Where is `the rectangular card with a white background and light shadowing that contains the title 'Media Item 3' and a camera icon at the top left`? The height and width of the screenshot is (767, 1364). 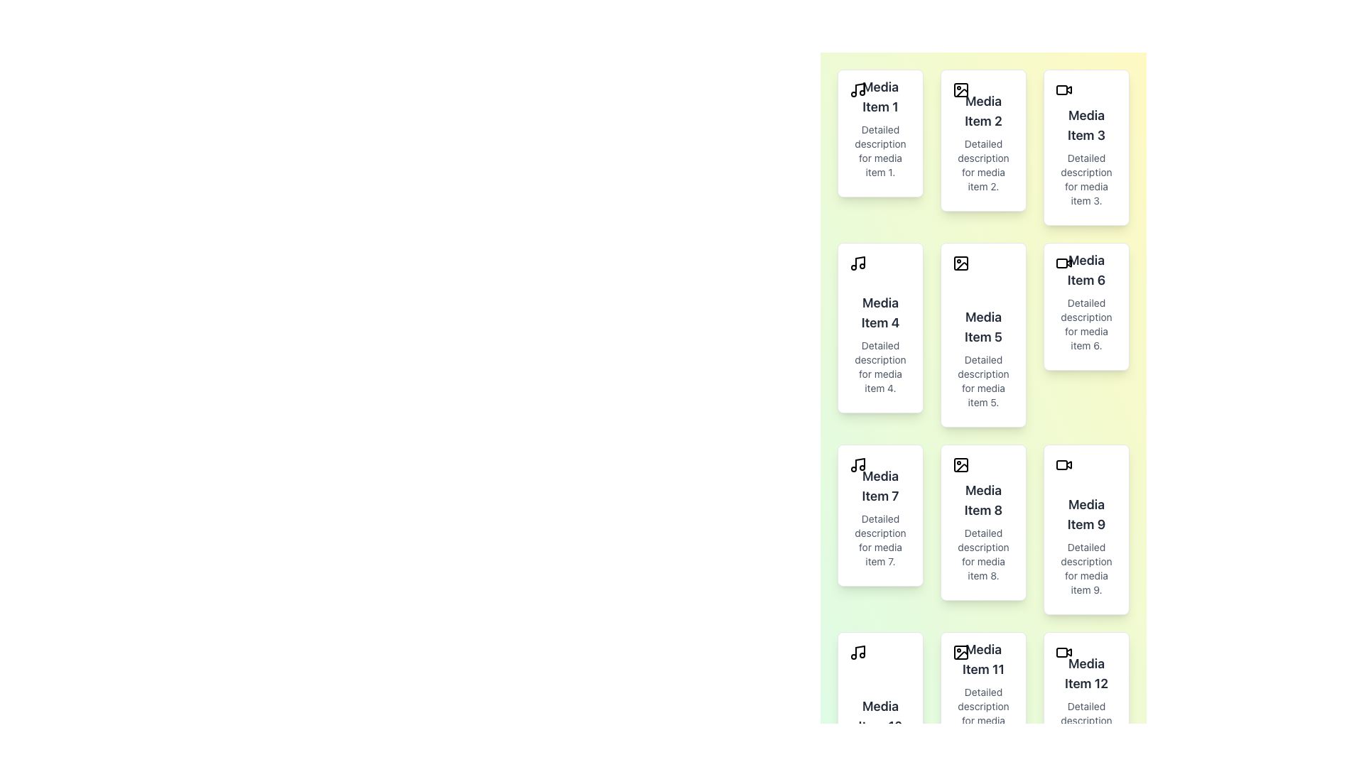
the rectangular card with a white background and light shadowing that contains the title 'Media Item 3' and a camera icon at the top left is located at coordinates (1086, 148).